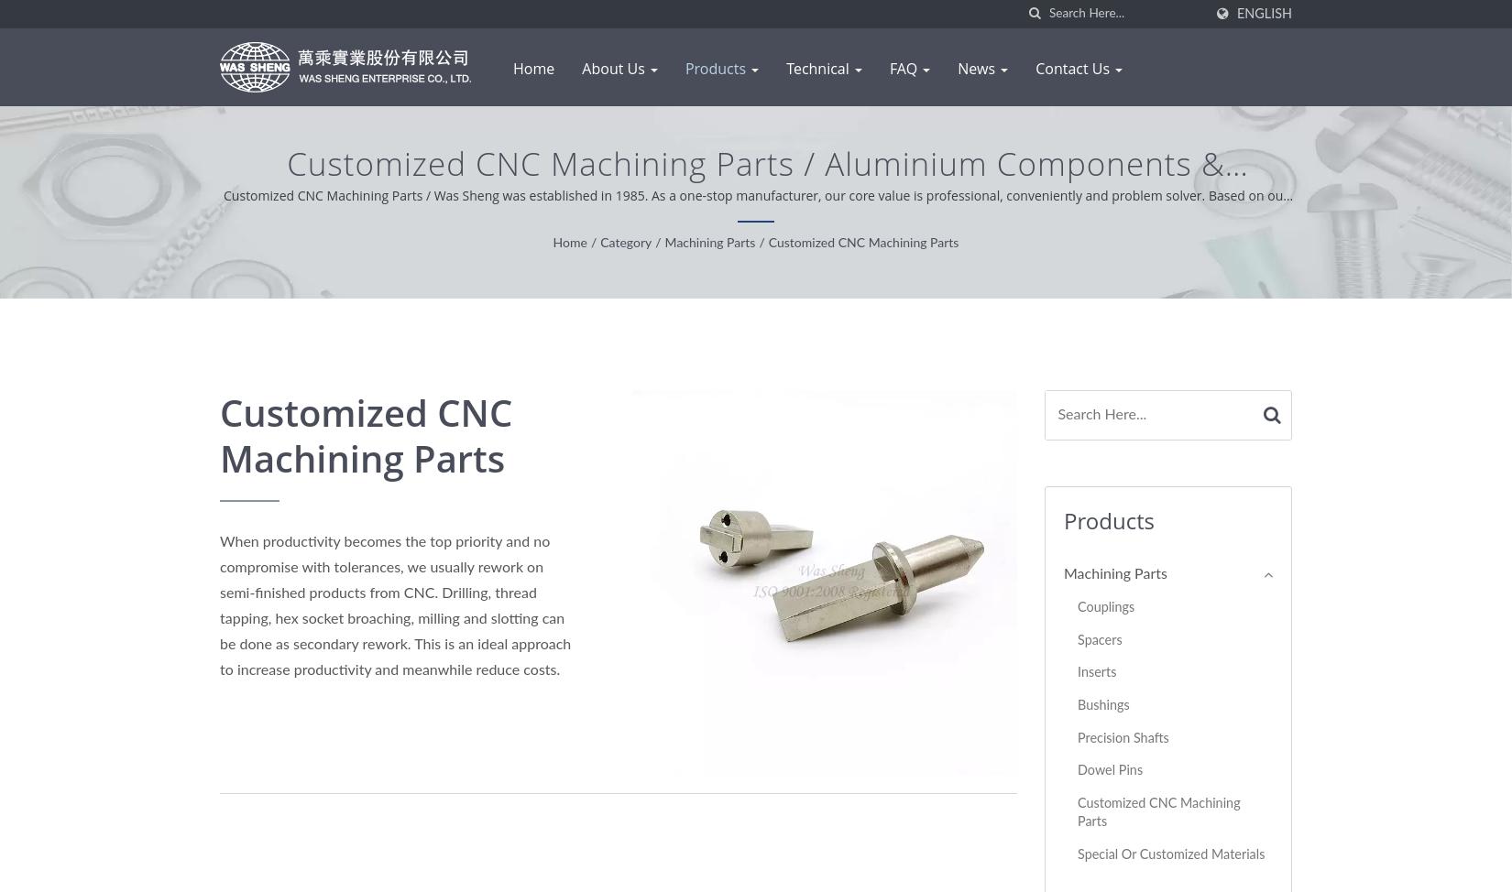 This screenshot has width=1512, height=892. I want to click on 'Dowel Pins', so click(1110, 770).